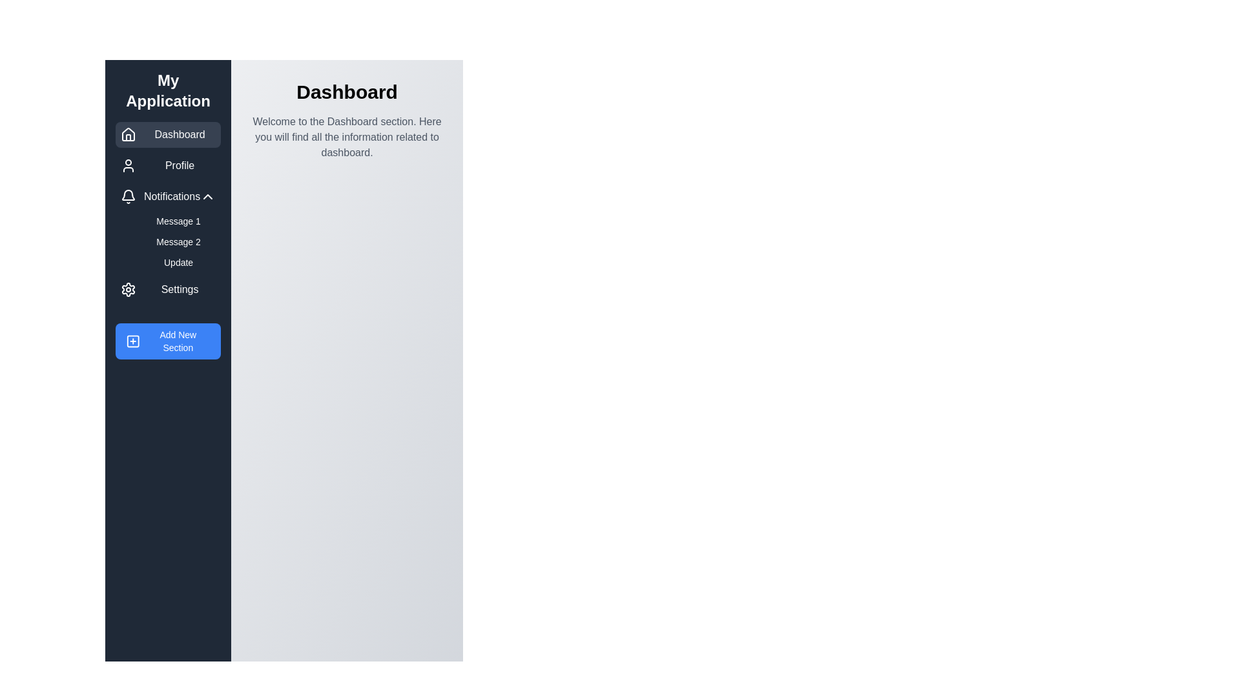  Describe the element at coordinates (179, 165) in the screenshot. I see `the 'Profile' label in the sidebar menu, which is the second option below 'Dashboard' and above 'Notifications'` at that location.